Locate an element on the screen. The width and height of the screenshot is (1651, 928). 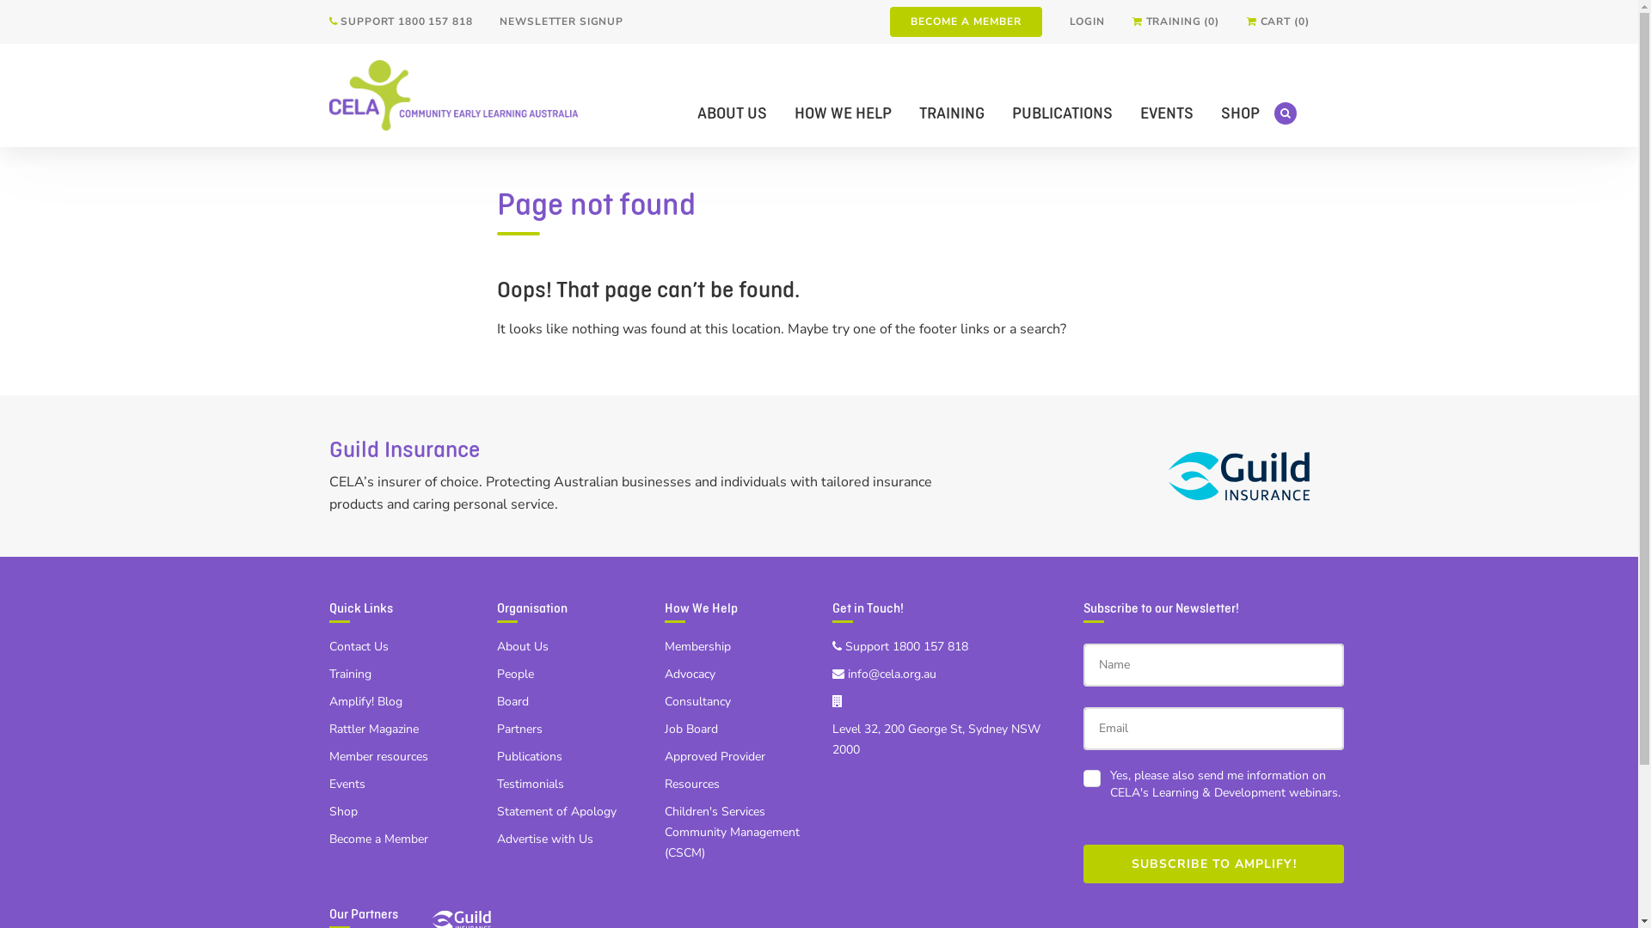
'Become a Member' is located at coordinates (377, 838).